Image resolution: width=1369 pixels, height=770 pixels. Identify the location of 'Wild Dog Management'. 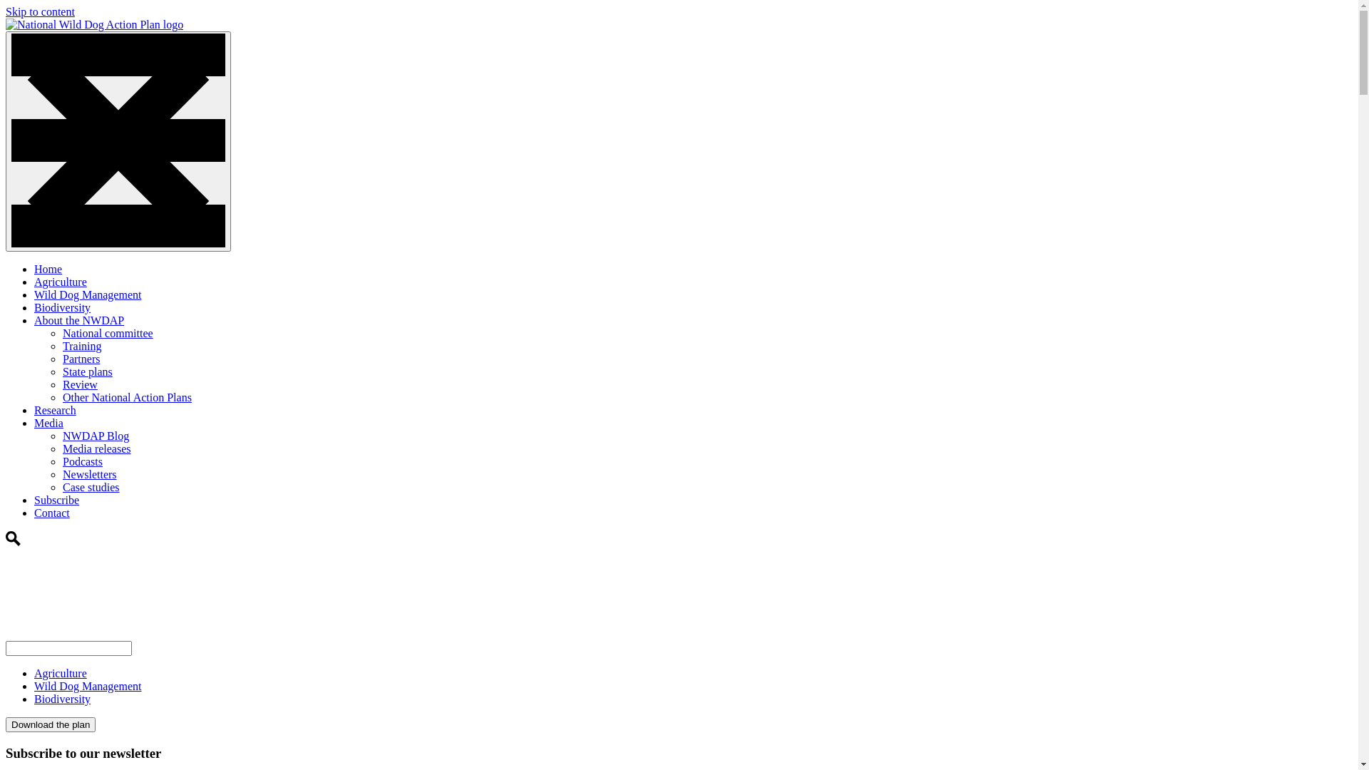
(87, 685).